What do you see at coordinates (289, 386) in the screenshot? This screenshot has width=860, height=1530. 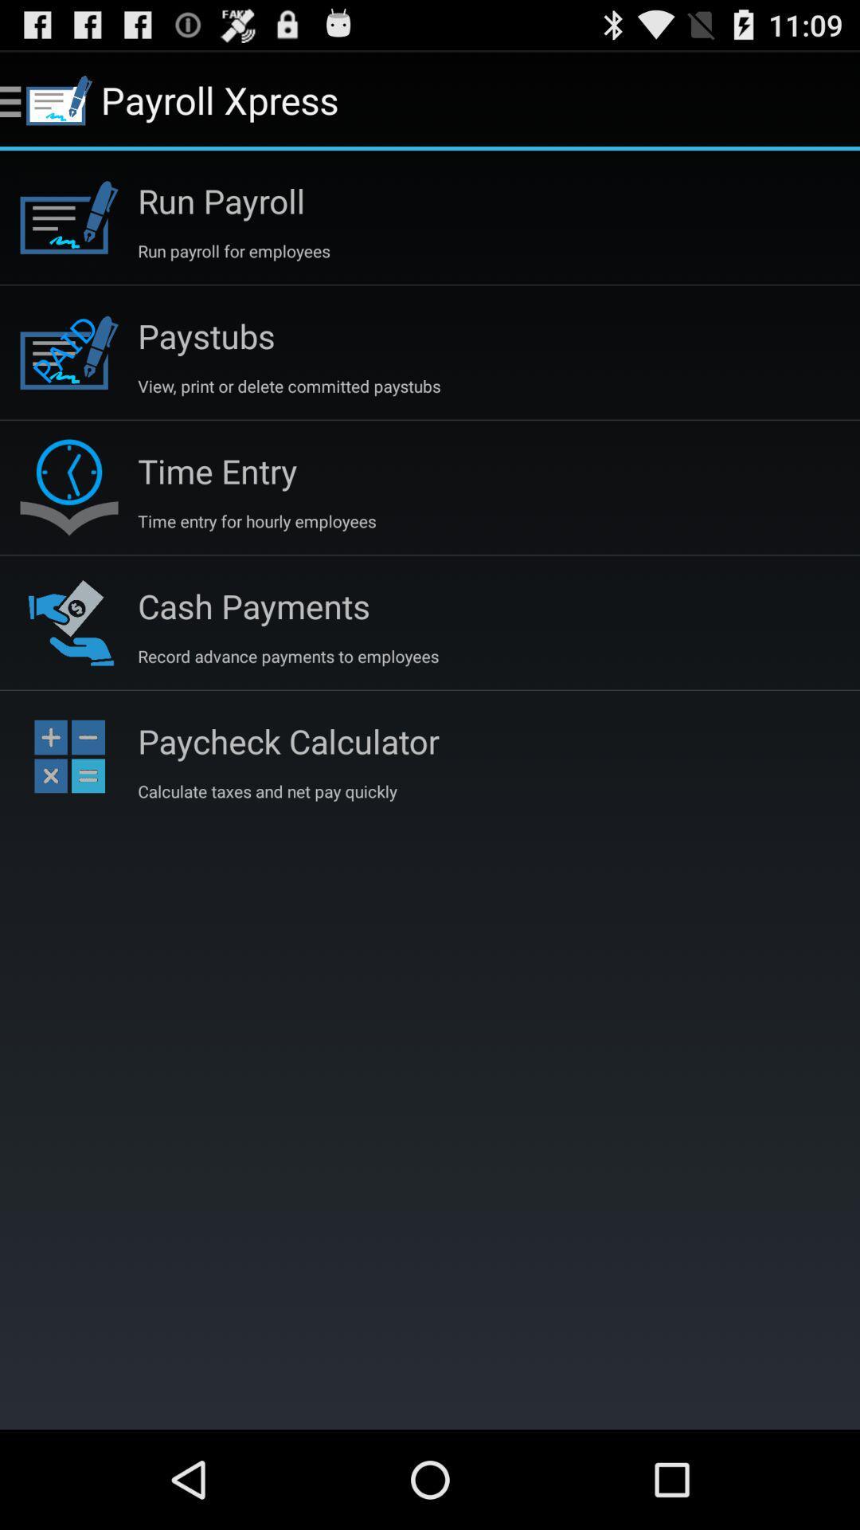 I see `the icon above time entry item` at bounding box center [289, 386].